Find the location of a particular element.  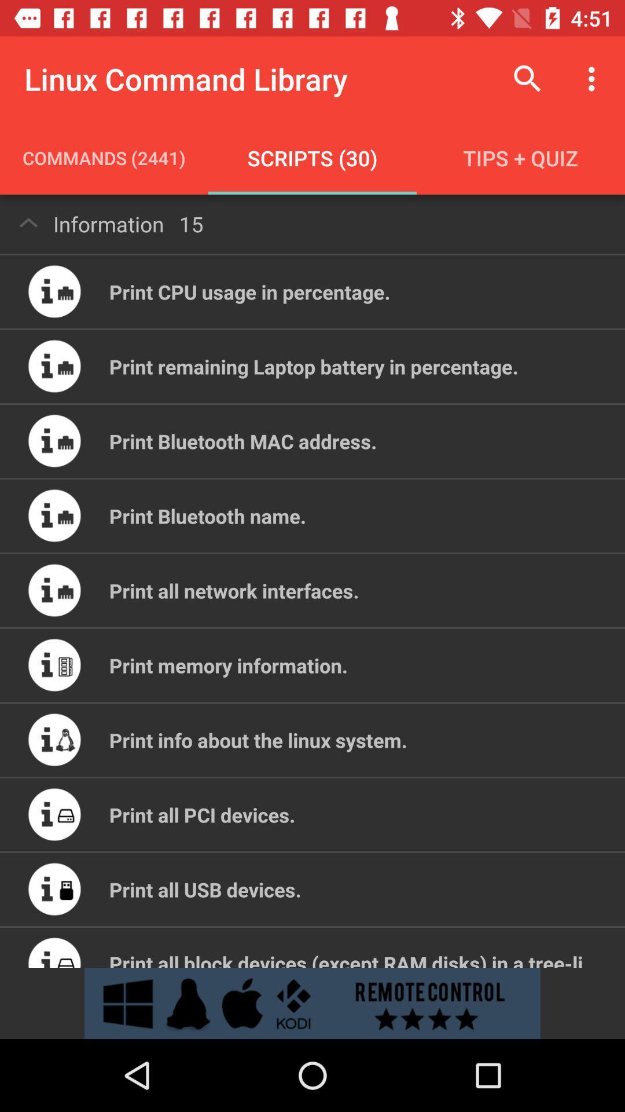

item to the right of the linux command library icon is located at coordinates (527, 78).